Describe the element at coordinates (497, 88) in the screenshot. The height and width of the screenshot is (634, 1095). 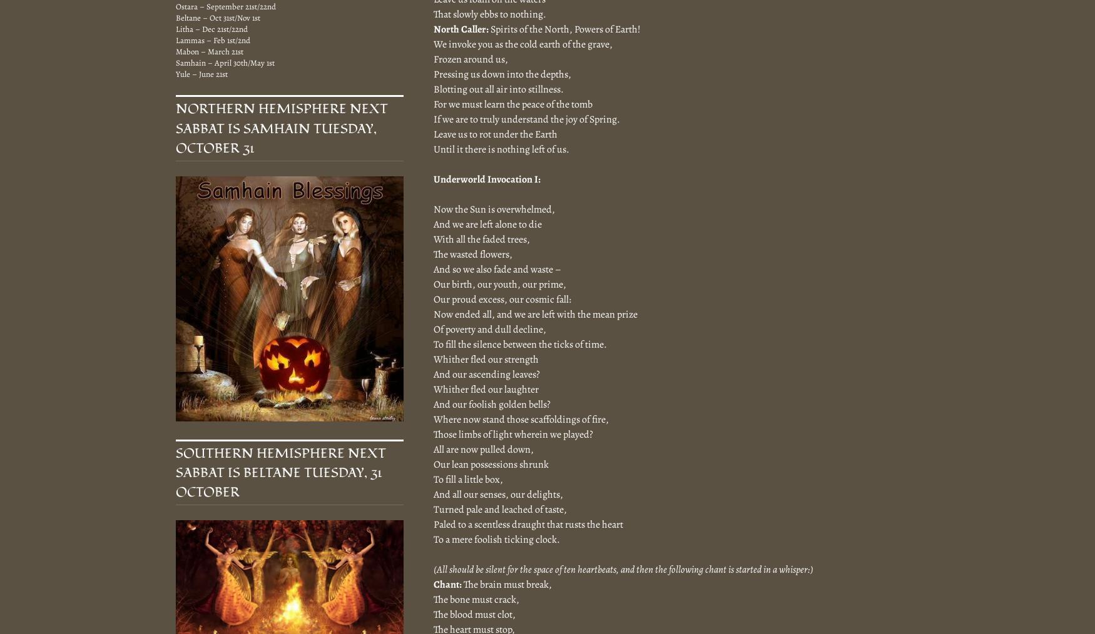
I see `'Blotting out all air into stillness.'` at that location.